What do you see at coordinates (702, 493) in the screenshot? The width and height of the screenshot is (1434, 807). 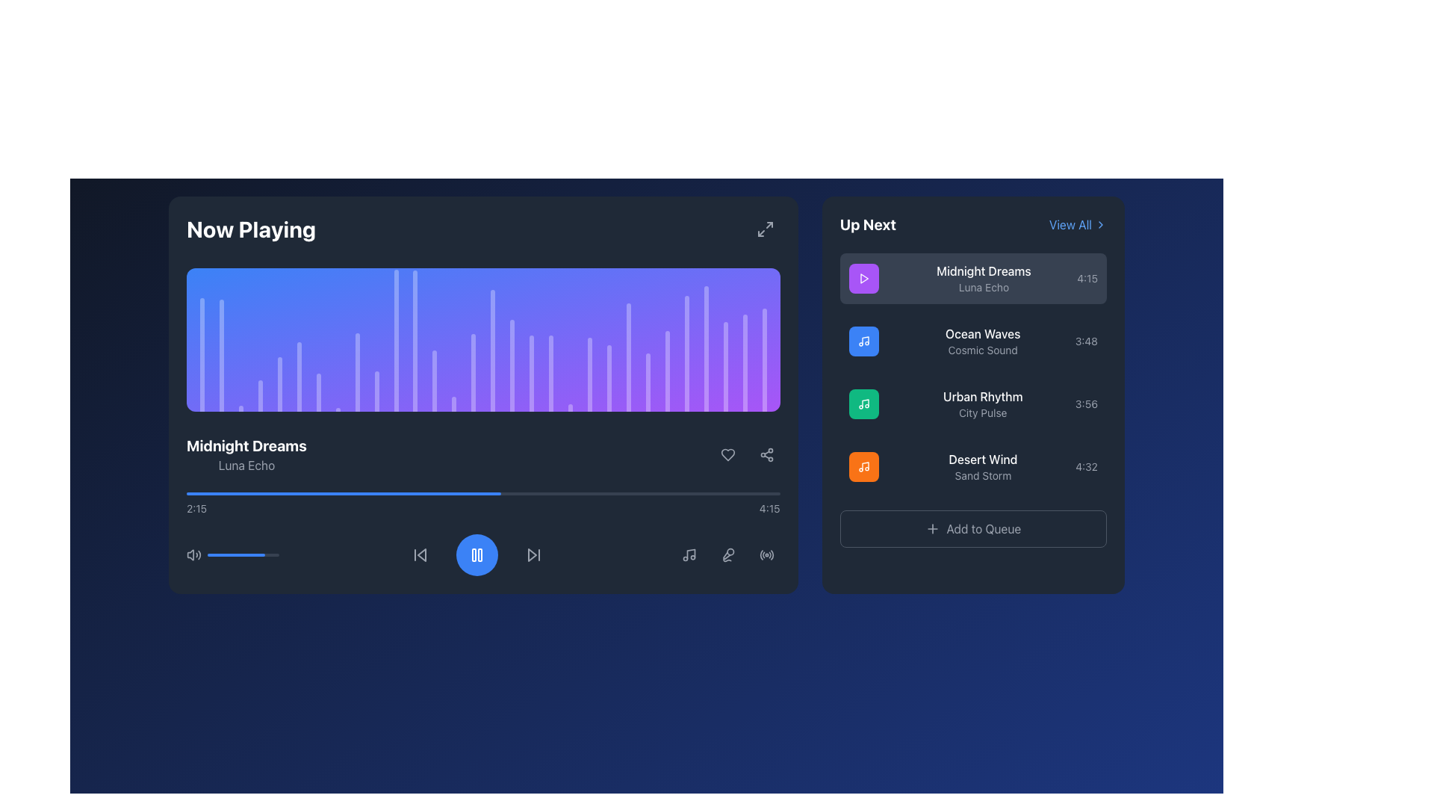 I see `the progress bar` at bounding box center [702, 493].